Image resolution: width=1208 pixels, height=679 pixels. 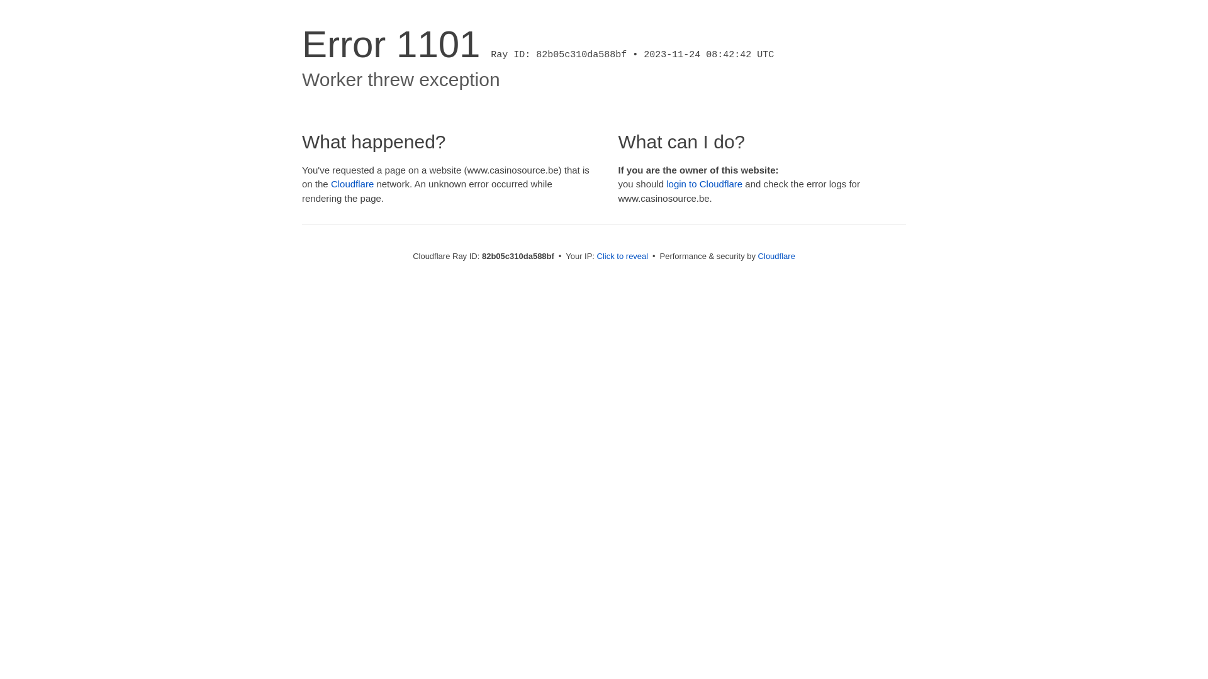 I want to click on 'Click to reveal', so click(x=622, y=256).